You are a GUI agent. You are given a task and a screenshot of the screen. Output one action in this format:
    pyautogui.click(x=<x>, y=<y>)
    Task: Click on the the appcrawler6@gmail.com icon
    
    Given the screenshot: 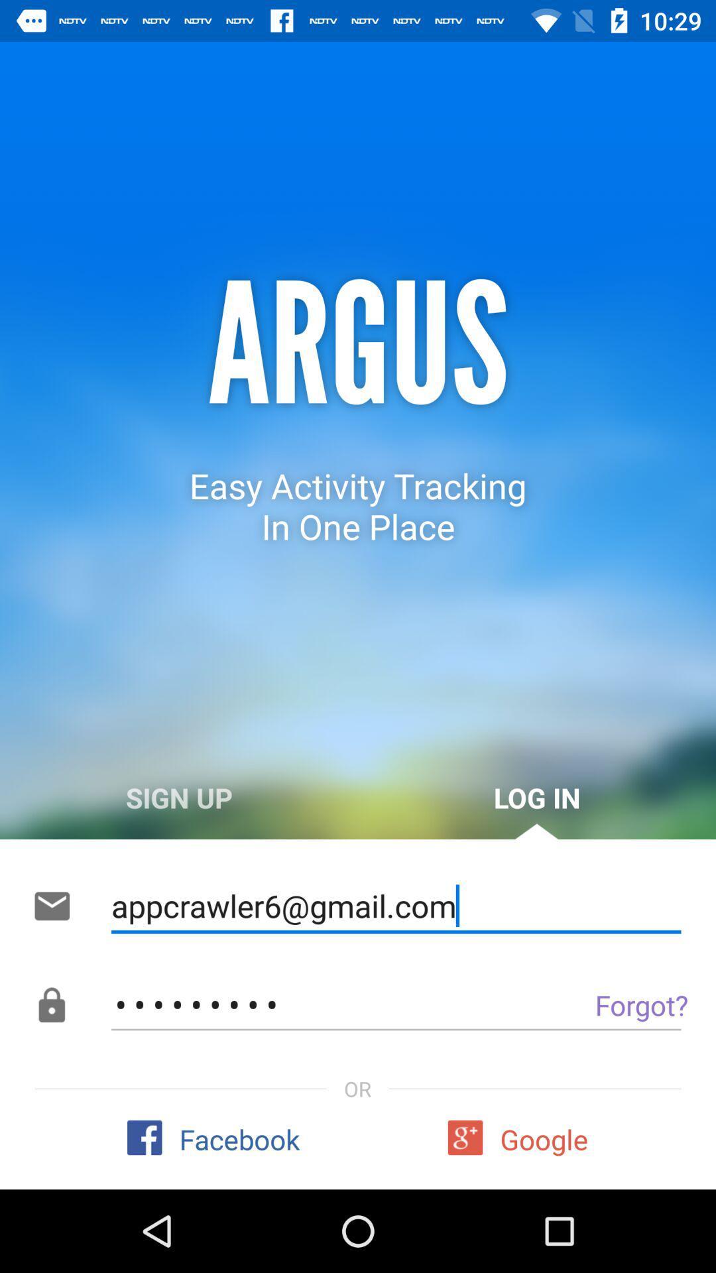 What is the action you would take?
    pyautogui.click(x=395, y=906)
    